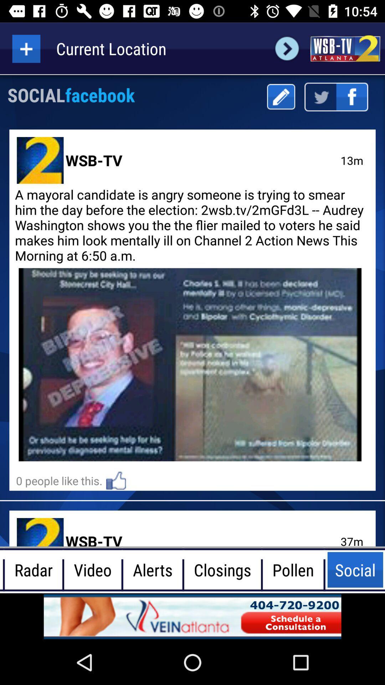  I want to click on the add icon, so click(26, 48).